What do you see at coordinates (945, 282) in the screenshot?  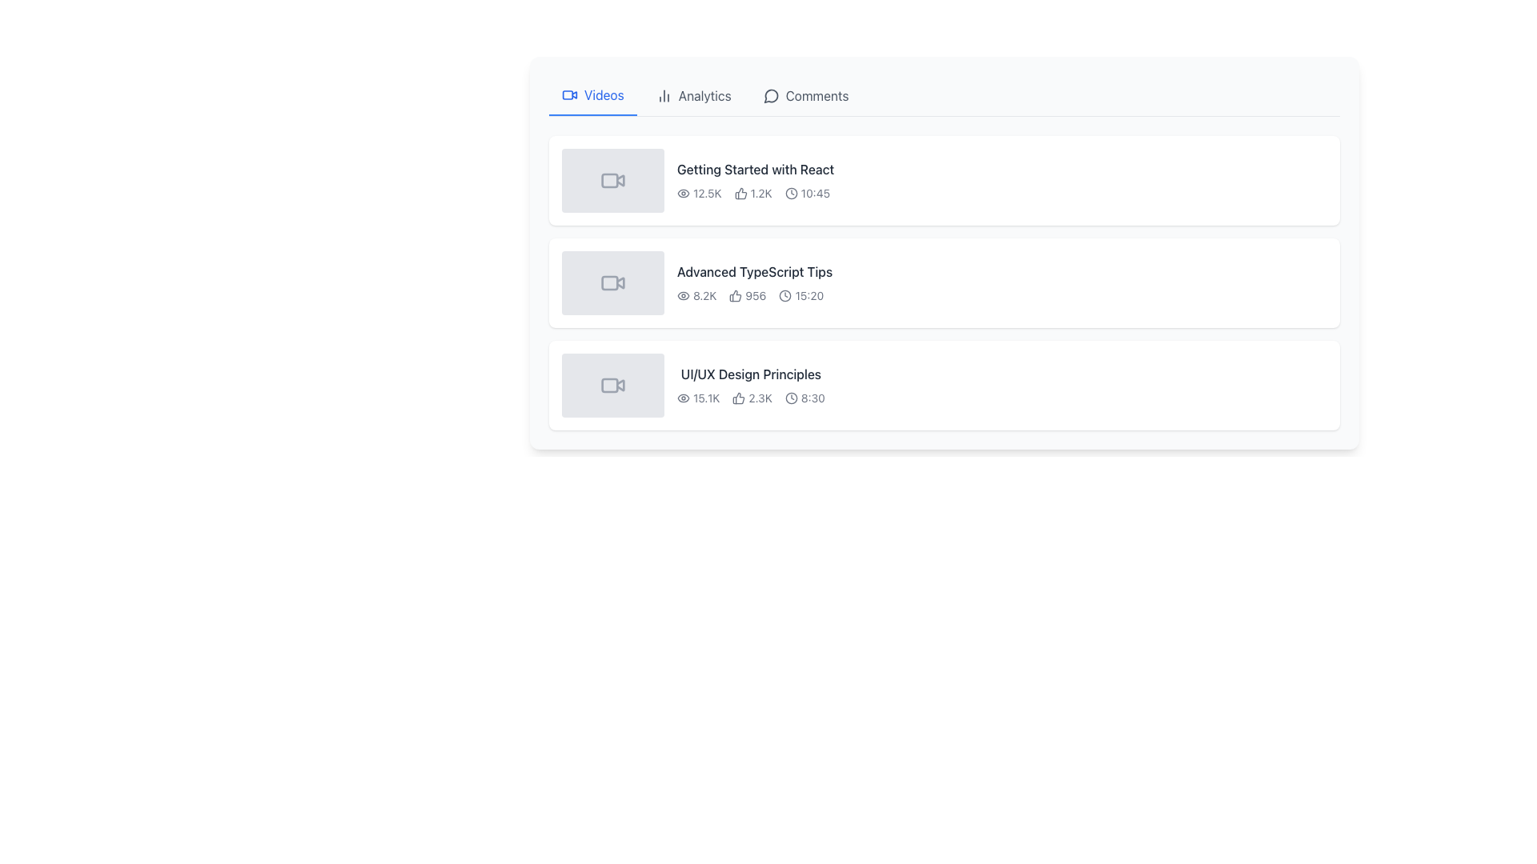 I see `the selectable video card item located in the second item slot of the vertically stacked list, positioned centrally between 'Getting Started with React' and 'UI/UX Design Principles'` at bounding box center [945, 282].